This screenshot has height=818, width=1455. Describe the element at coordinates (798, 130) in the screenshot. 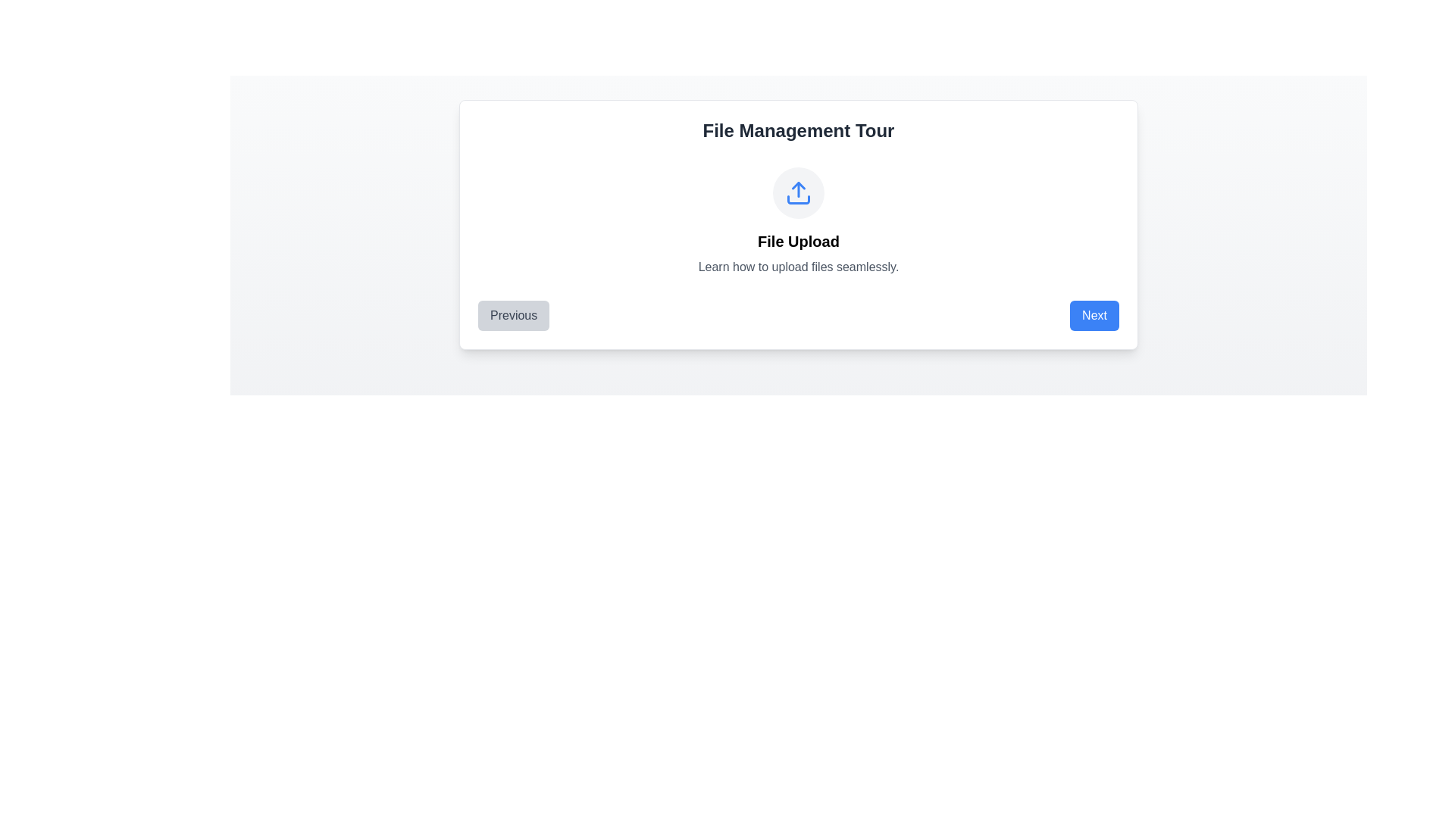

I see `the header text 'File Management Tour', which is a large, bold, dark gray text positioned at the top of a card-like structure with a white background` at that location.